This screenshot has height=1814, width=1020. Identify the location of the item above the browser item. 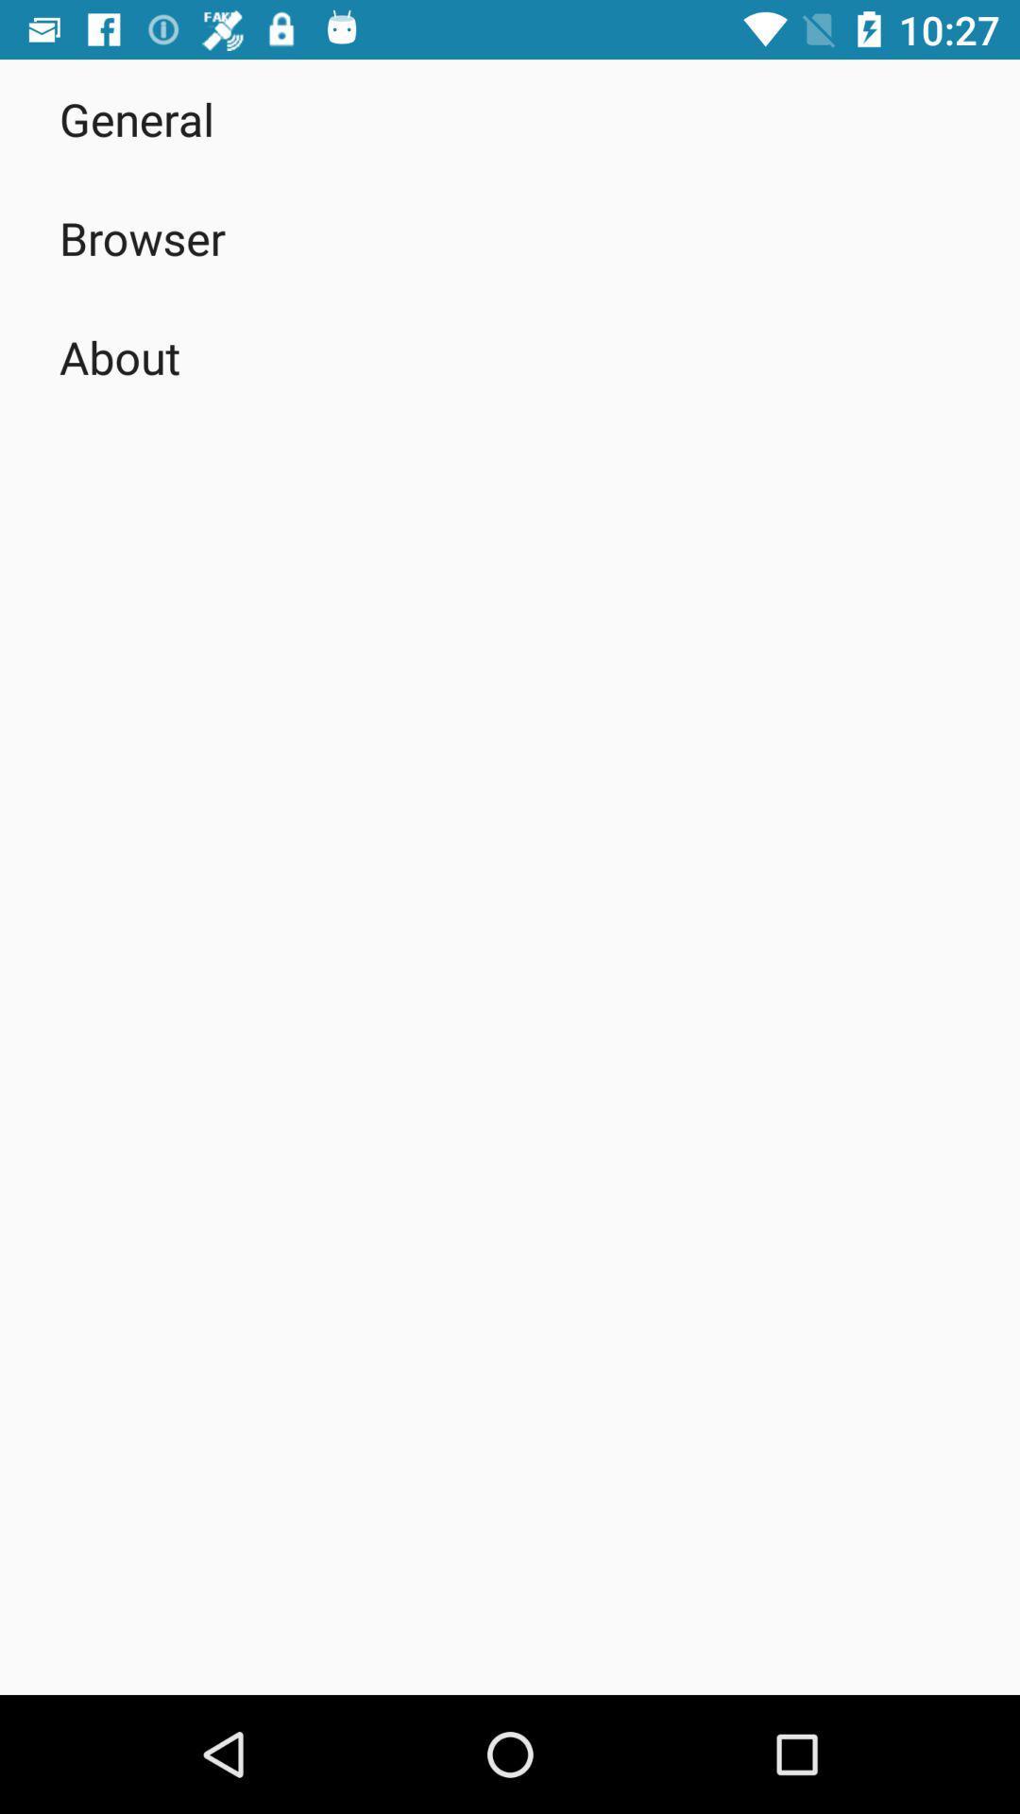
(136, 117).